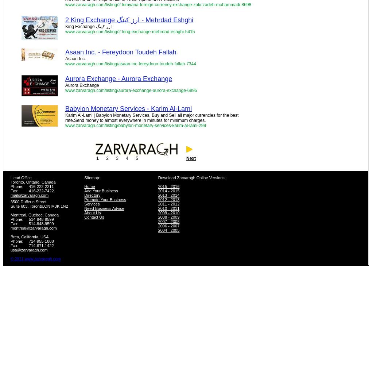 This screenshot has height=365, width=369. Describe the element at coordinates (135, 125) in the screenshot. I see `'www.zarvaragh.com/listing/babylon-monetary-services-karim-al-lami-299'` at that location.